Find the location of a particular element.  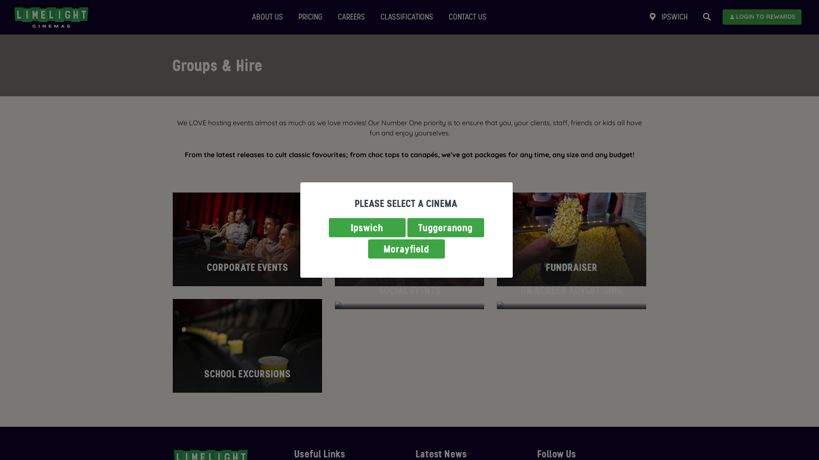

'Ipswich' is located at coordinates (366, 227).